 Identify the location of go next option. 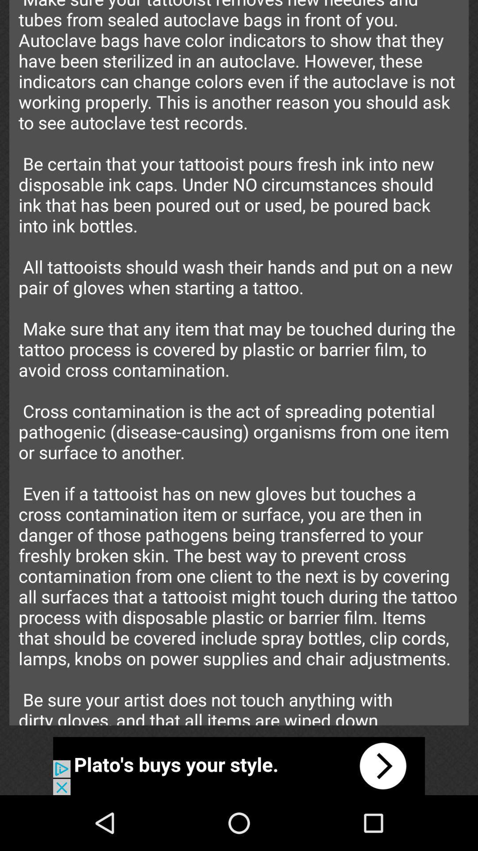
(239, 765).